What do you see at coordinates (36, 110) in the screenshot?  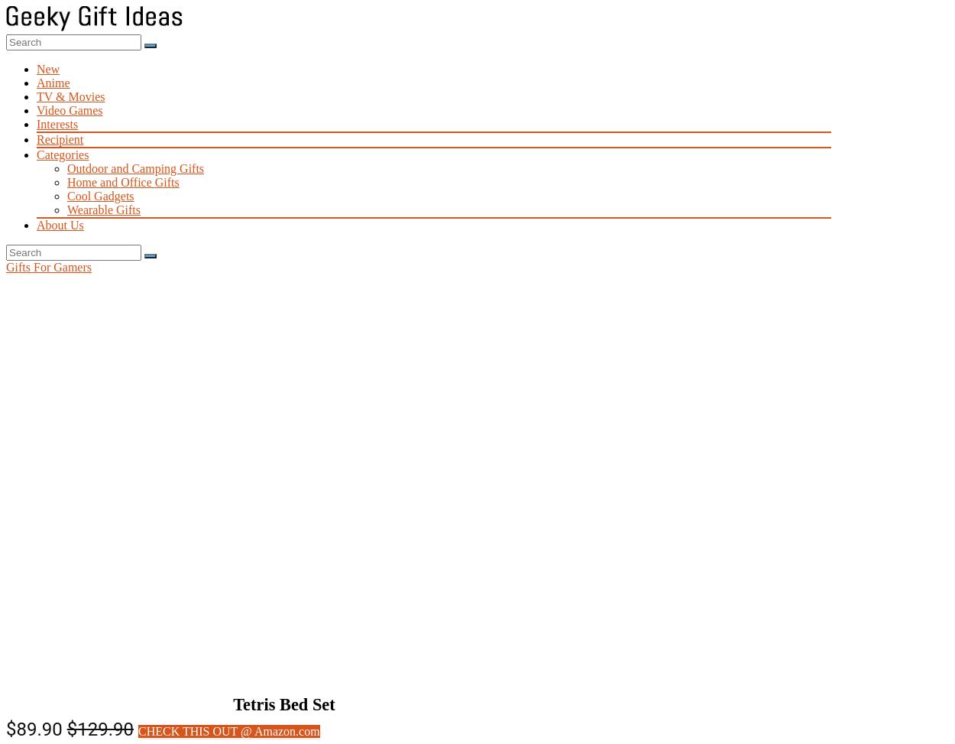 I see `'Video Games'` at bounding box center [36, 110].